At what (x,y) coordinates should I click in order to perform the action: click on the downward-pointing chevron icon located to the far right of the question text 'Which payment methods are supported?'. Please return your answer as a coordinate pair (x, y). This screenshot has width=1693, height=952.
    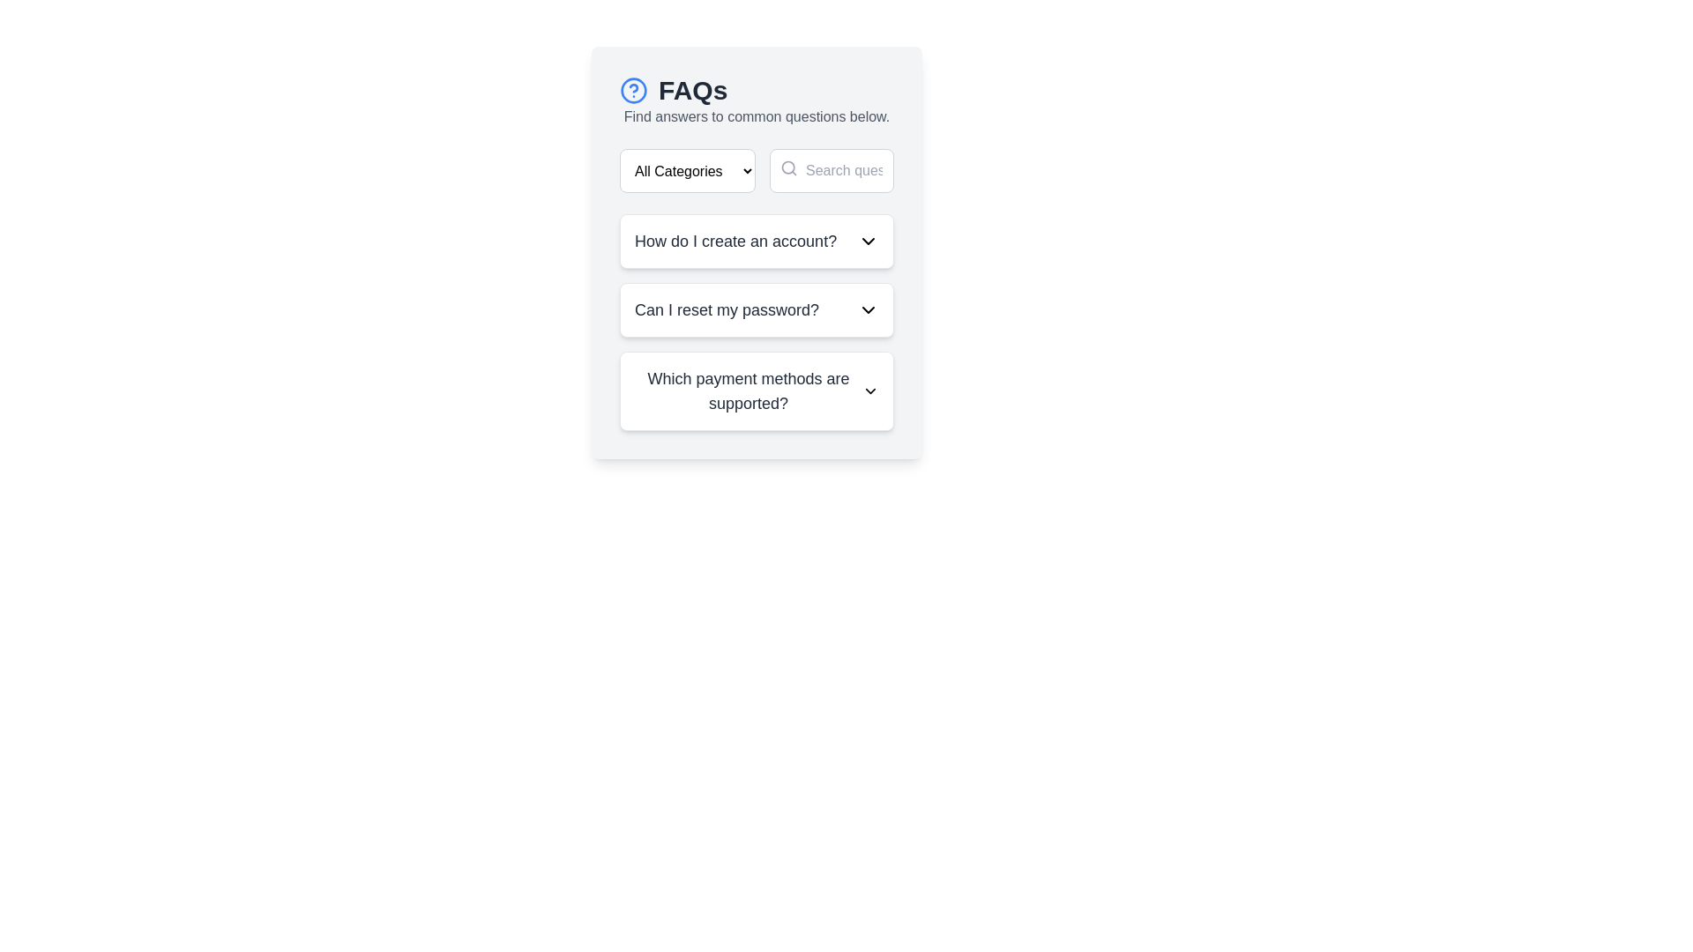
    Looking at the image, I should click on (870, 390).